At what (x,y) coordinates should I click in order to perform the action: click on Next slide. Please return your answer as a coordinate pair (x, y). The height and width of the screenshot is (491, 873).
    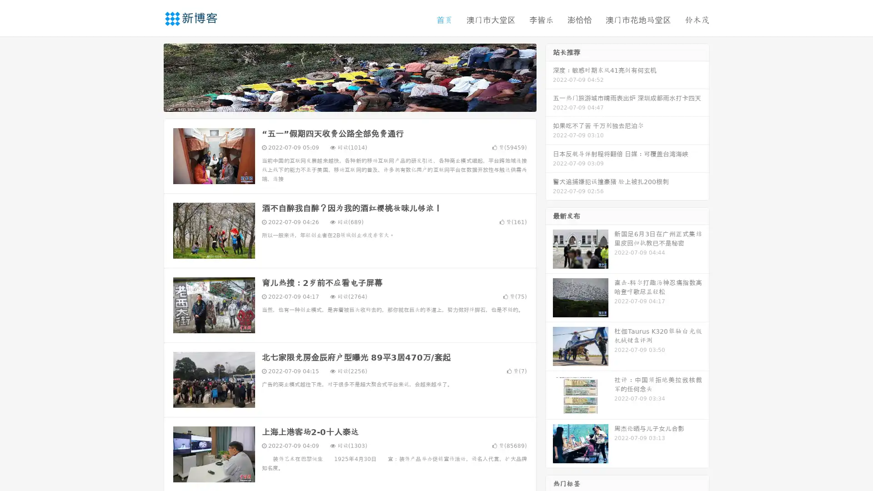
    Looking at the image, I should click on (549, 76).